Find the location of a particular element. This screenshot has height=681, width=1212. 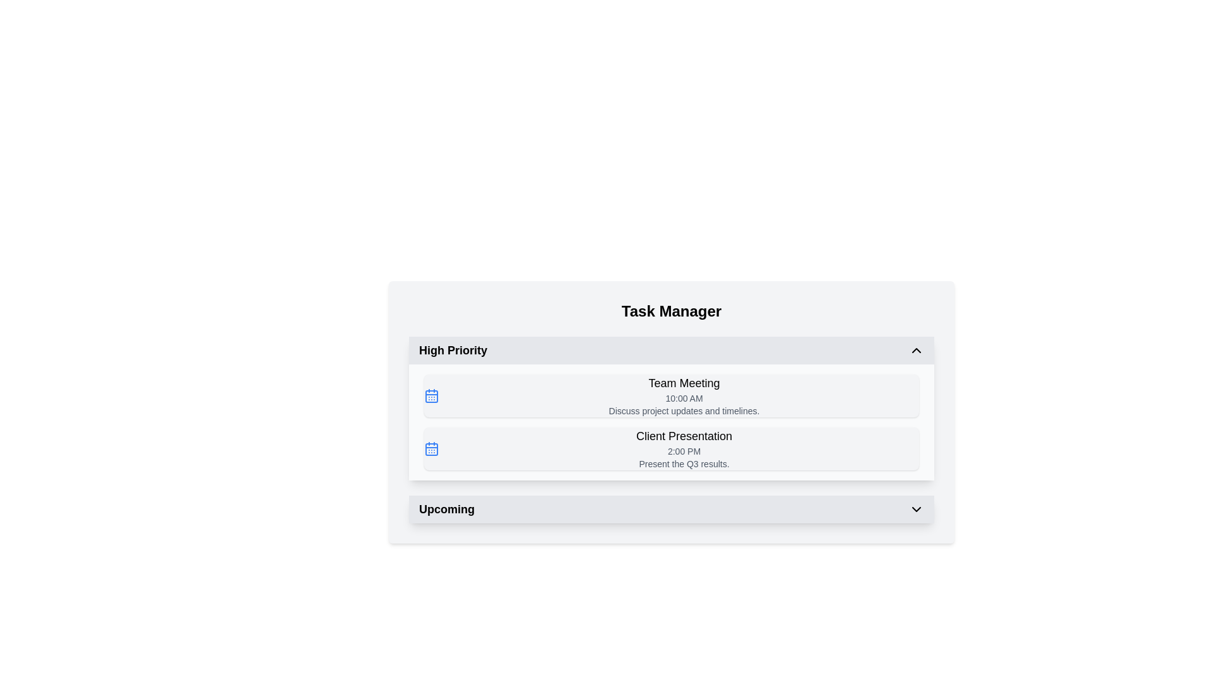

the downward-pointing chevron icon button located at the far-right side of the 'Upcoming' section is located at coordinates (916, 508).